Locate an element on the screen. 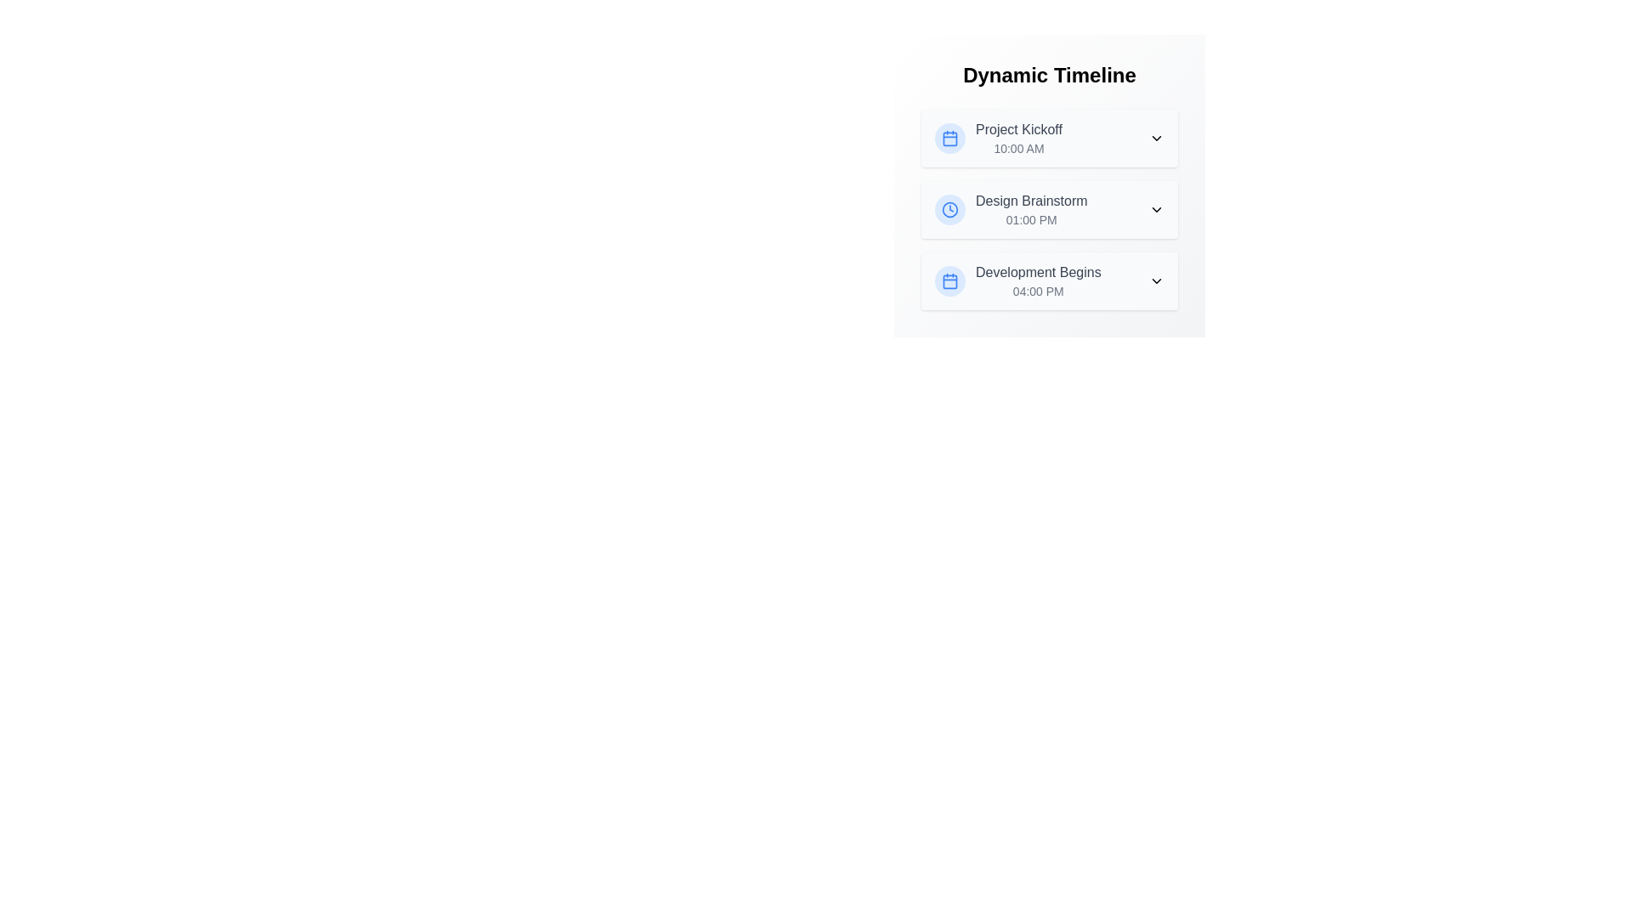  the 'Design Brainstorm' Event item in the timeline view is located at coordinates (1011, 208).